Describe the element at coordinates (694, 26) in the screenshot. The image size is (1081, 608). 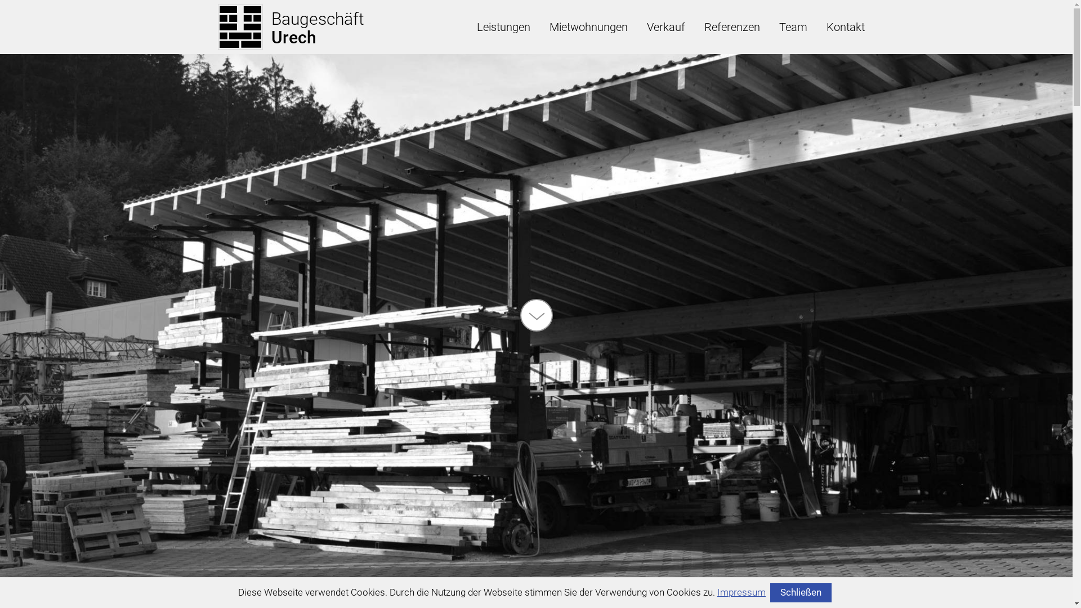
I see `'Referenzen'` at that location.